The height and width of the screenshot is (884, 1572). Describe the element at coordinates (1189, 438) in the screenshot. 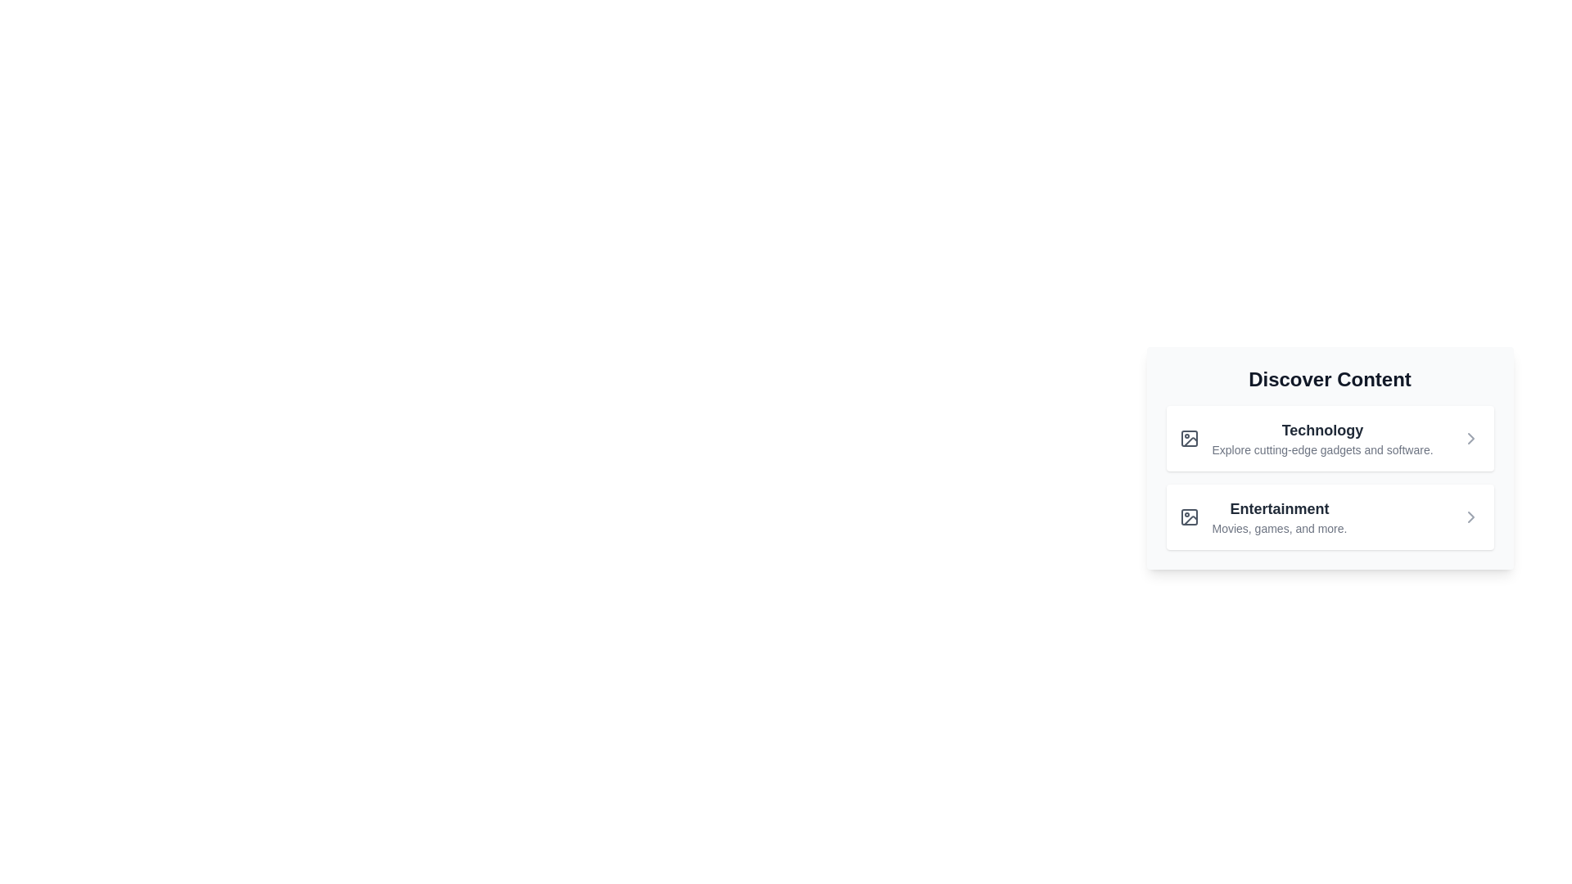

I see `SVG rectangle element that serves as a background for the icon, positioned within the icon structure, by clicking on its center` at that location.